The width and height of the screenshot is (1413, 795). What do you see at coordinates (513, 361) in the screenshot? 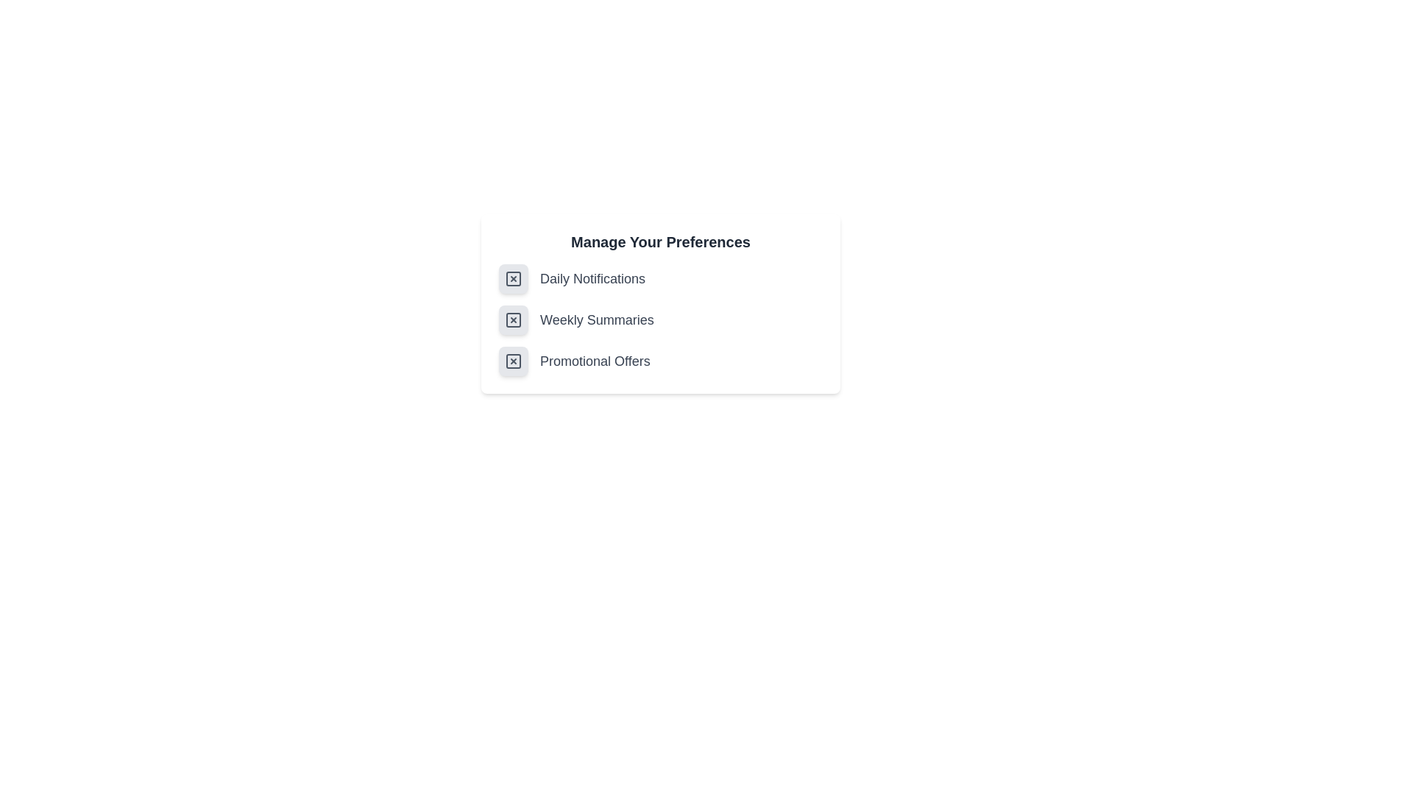
I see `the close icon located to the right of the text 'Promotional Offers' in the third row of the vertical list` at bounding box center [513, 361].